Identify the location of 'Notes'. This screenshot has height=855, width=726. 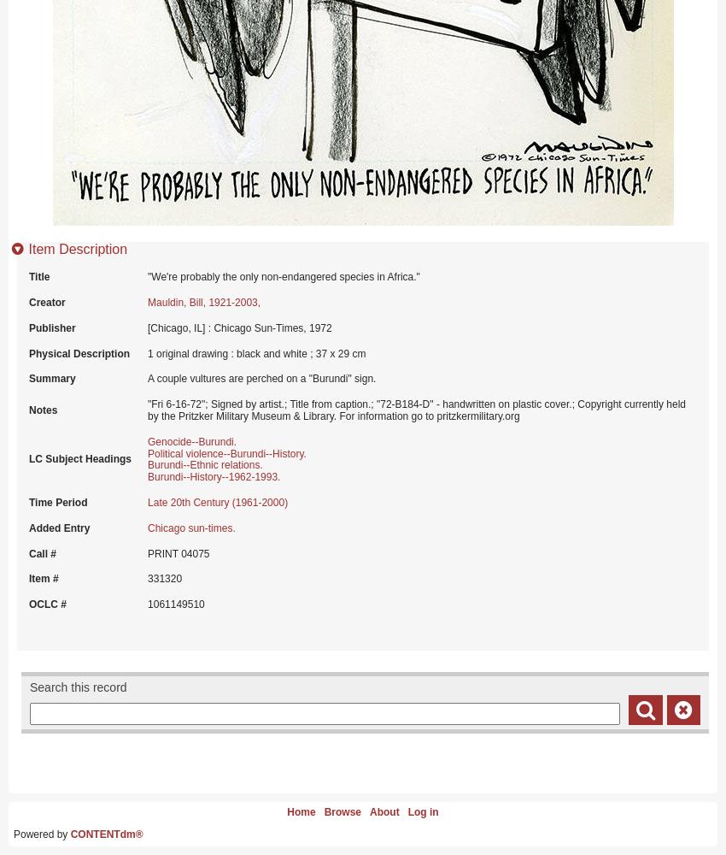
(43, 410).